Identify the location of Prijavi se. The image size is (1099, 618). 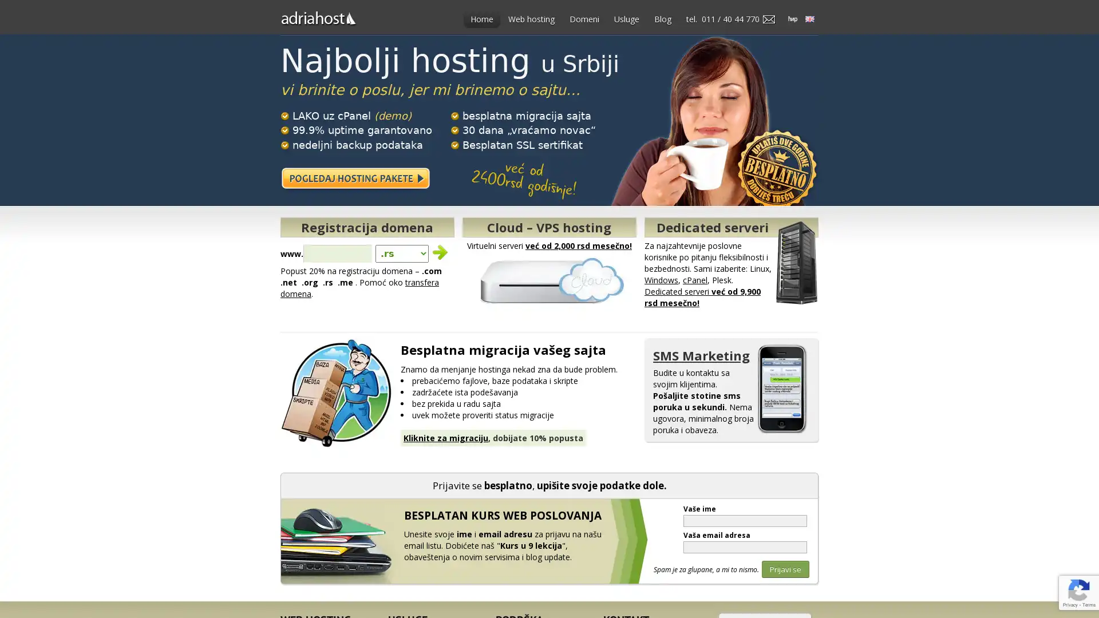
(785, 569).